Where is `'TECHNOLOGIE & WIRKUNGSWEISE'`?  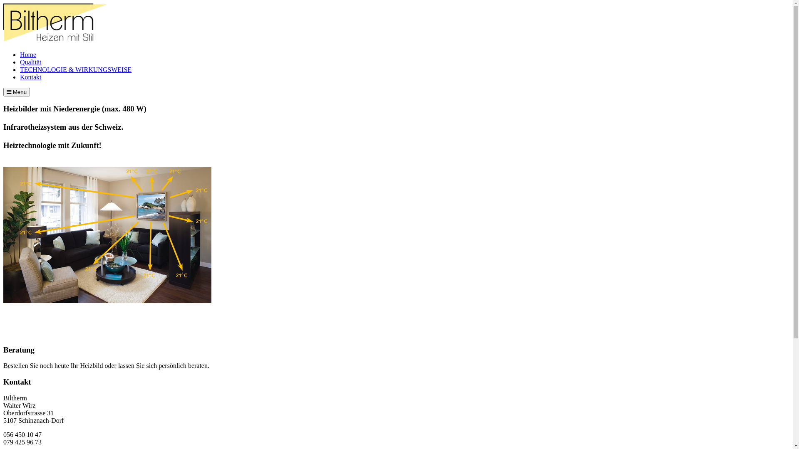 'TECHNOLOGIE & WIRKUNGSWEISE' is located at coordinates (20, 69).